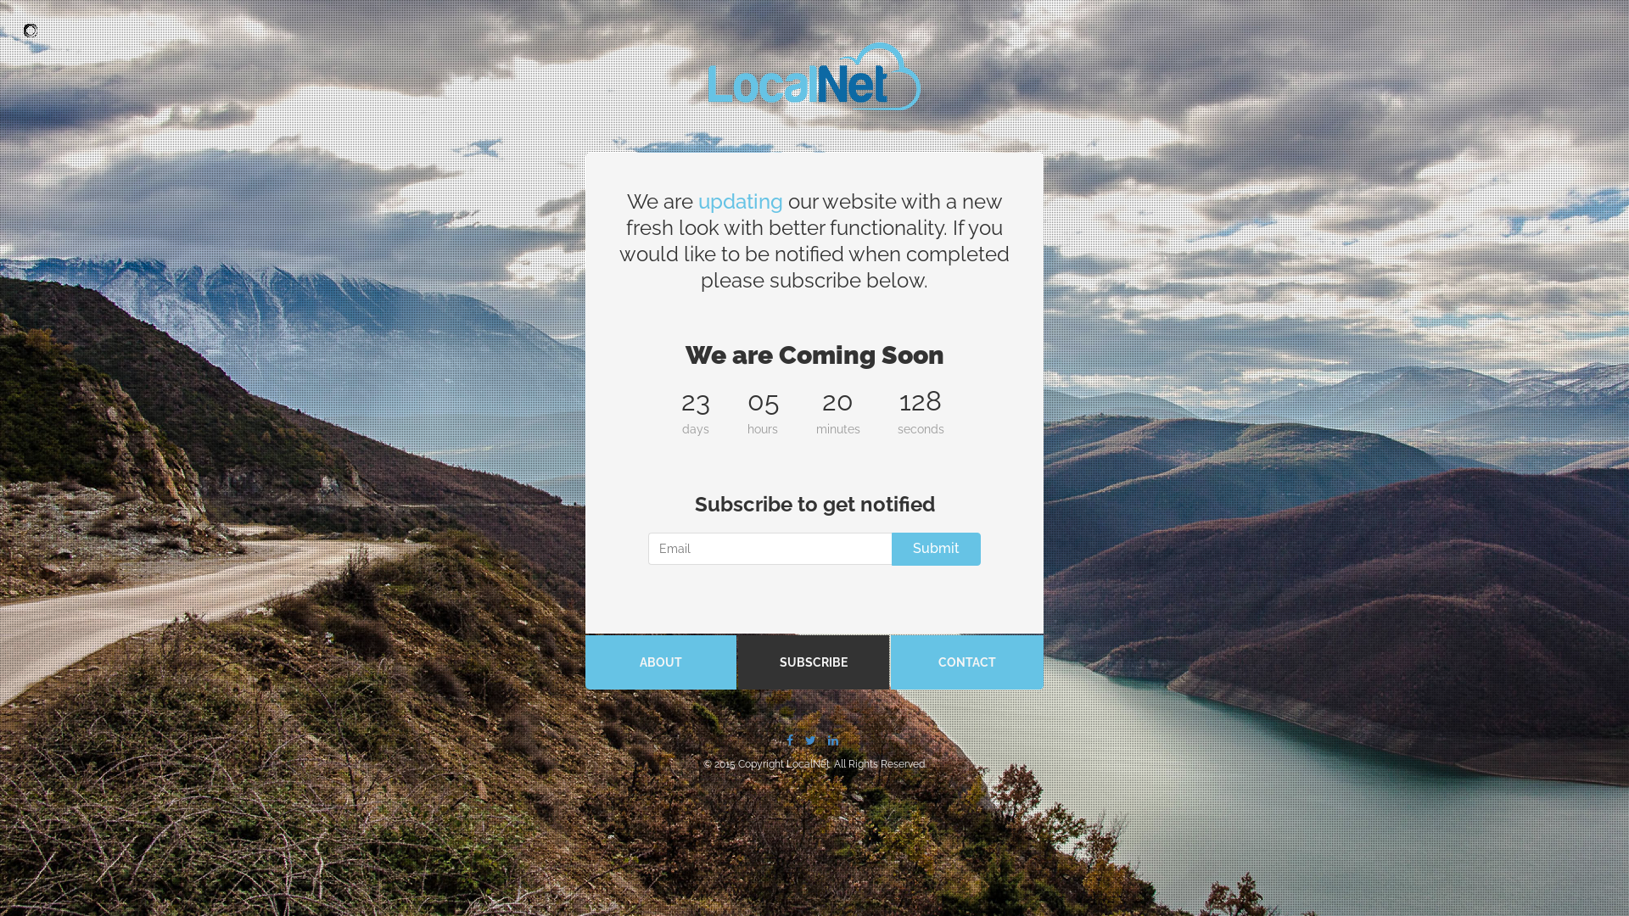 Image resolution: width=1629 pixels, height=916 pixels. I want to click on 'SUBSCRIBE', so click(813, 661).